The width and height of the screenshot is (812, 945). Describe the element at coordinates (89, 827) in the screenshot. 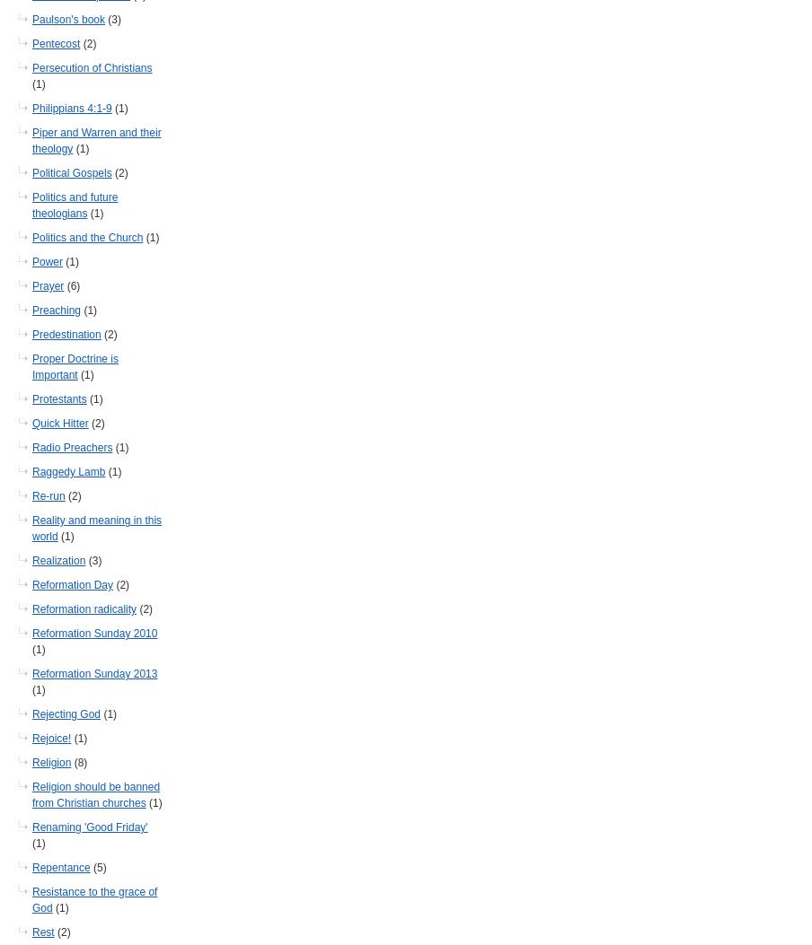

I see `'Renaming 'Good Friday''` at that location.